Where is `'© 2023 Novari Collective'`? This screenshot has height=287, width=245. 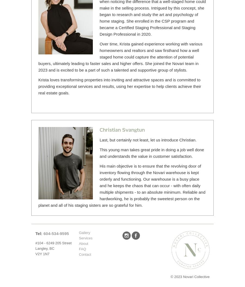 '© 2023 Novari Collective' is located at coordinates (190, 276).